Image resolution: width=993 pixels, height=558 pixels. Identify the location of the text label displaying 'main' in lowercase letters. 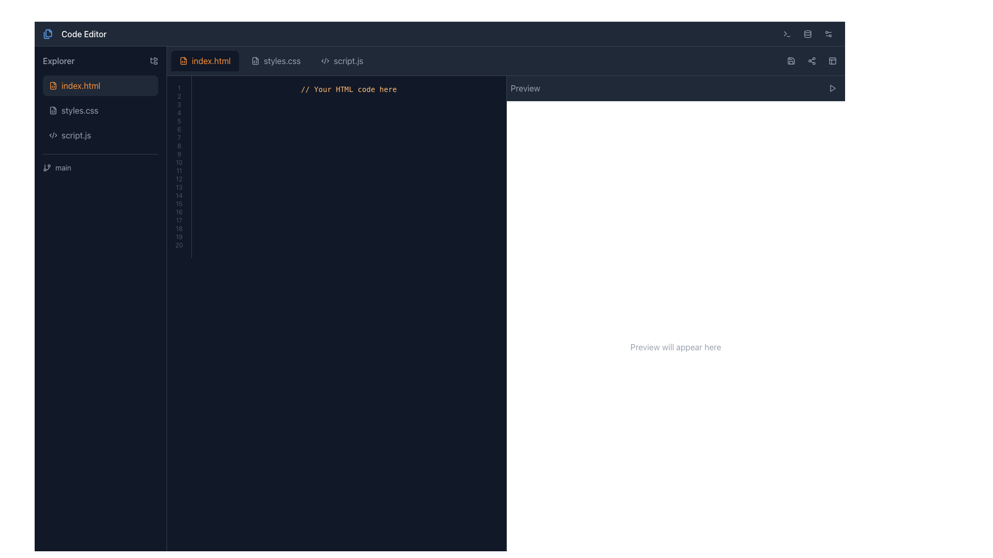
(63, 167).